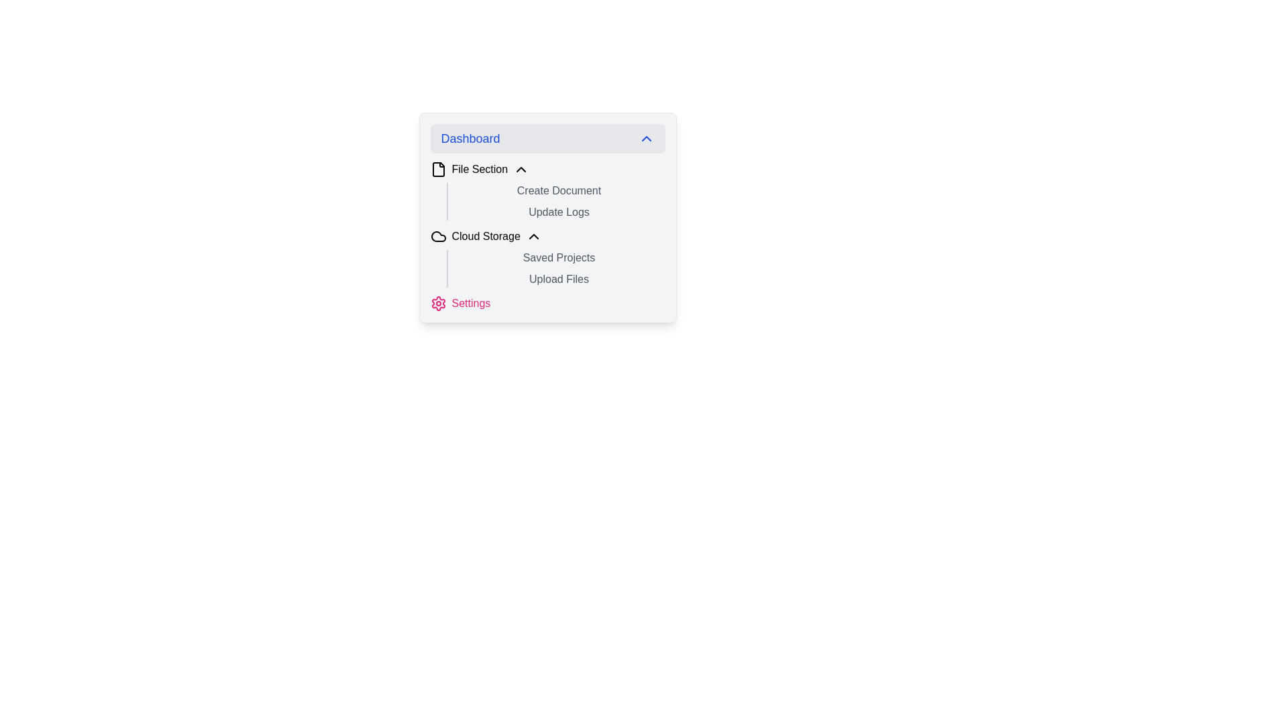 The image size is (1288, 724). What do you see at coordinates (556, 191) in the screenshot?
I see `the 'Create Document' text link located in the File Section group under the Dashboard menu to initiate the creation of a new document` at bounding box center [556, 191].